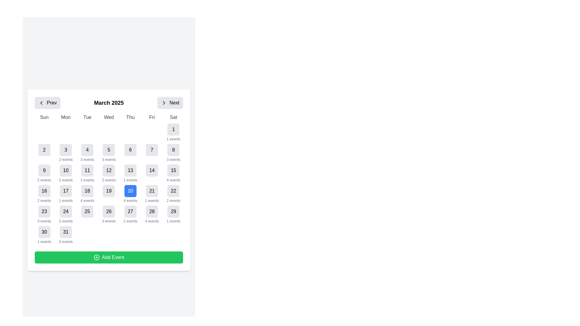 Image resolution: width=580 pixels, height=326 pixels. What do you see at coordinates (152, 191) in the screenshot?
I see `the calendar day button for March 21st, 2025` at bounding box center [152, 191].